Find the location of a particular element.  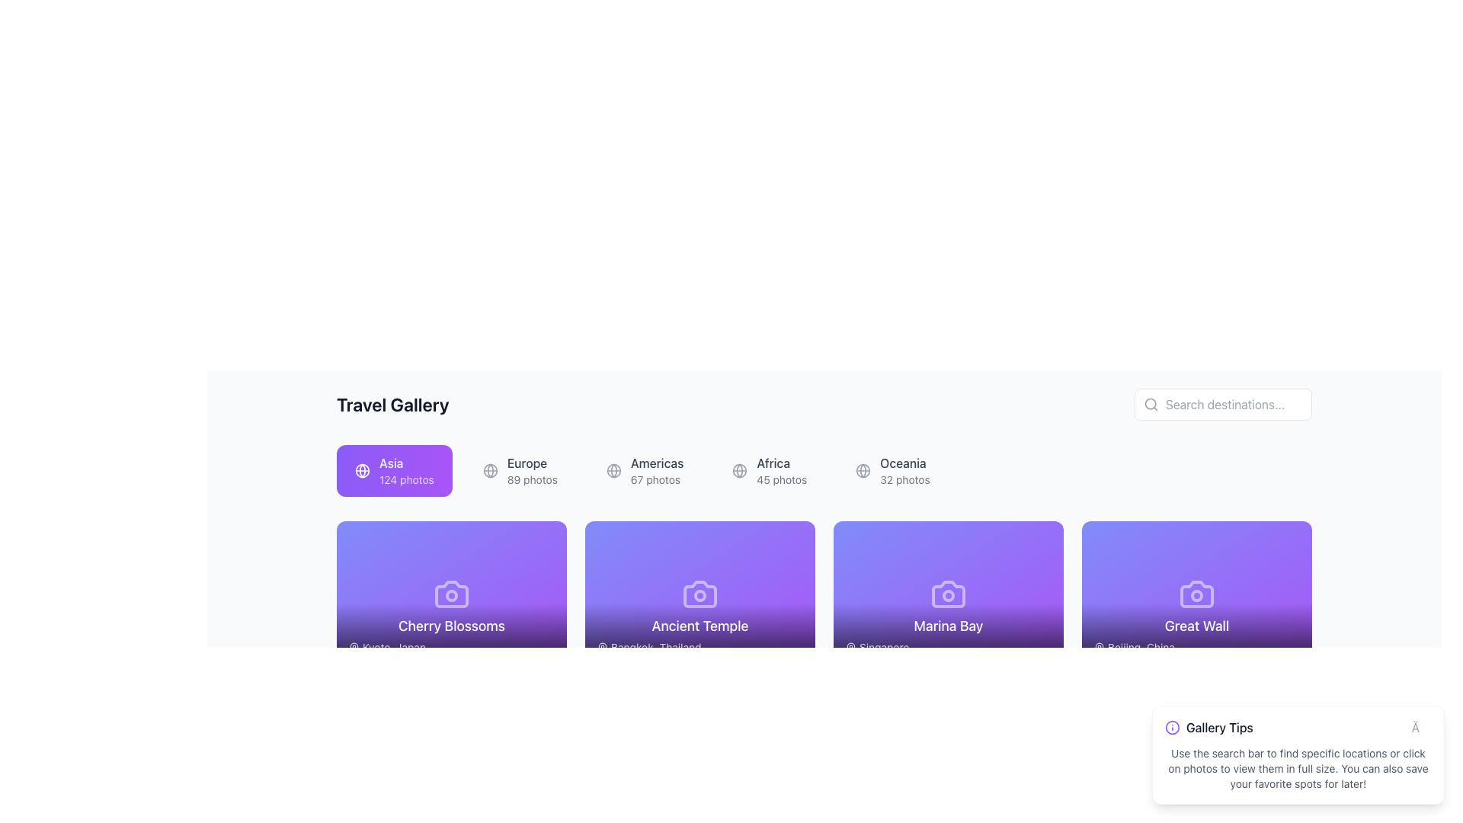

the 'Asia' geographical category text label in the 'Travel Gallery' section is located at coordinates (406, 469).